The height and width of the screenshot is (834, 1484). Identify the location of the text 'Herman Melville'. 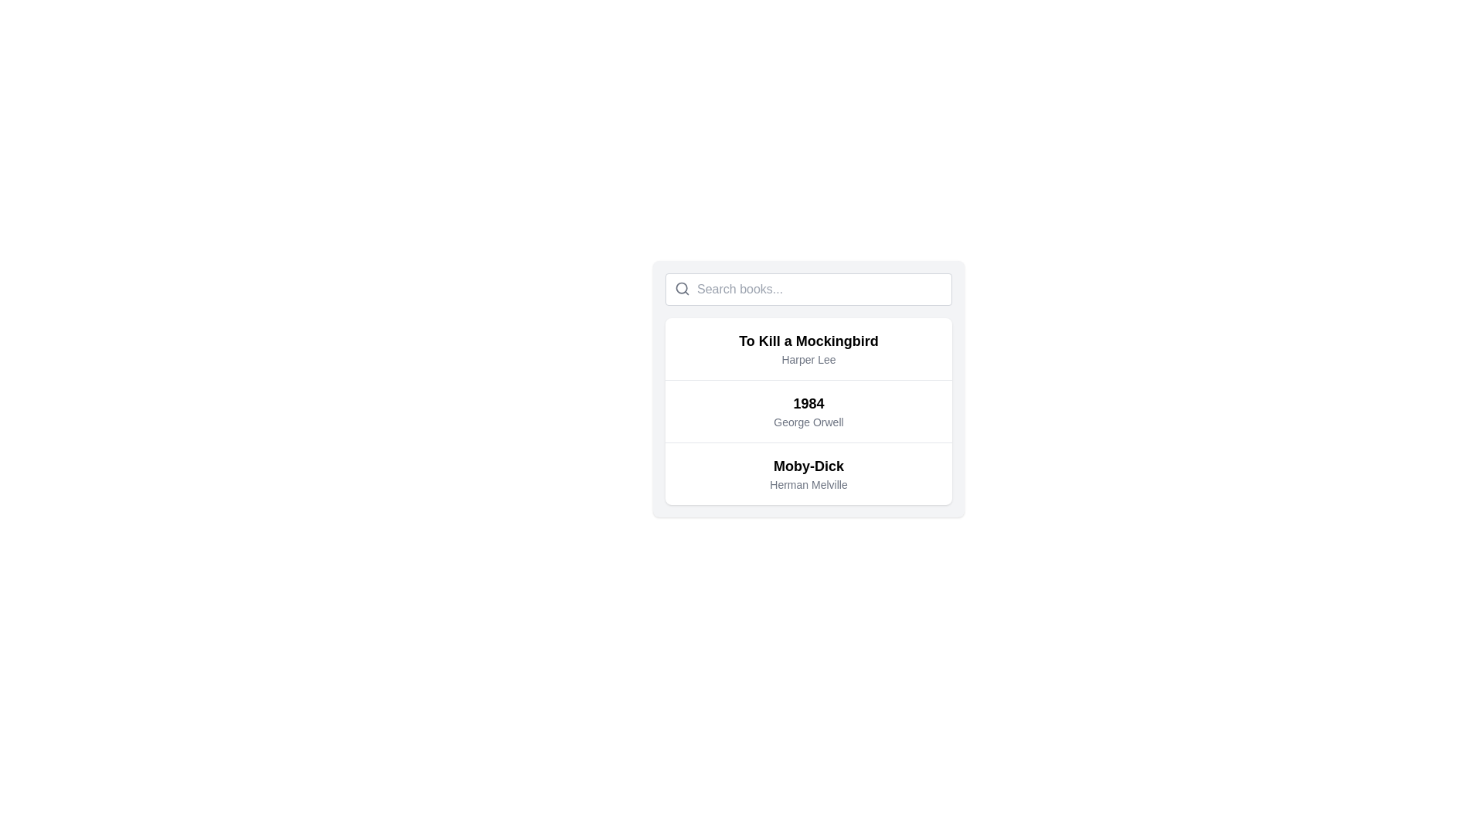
(808, 484).